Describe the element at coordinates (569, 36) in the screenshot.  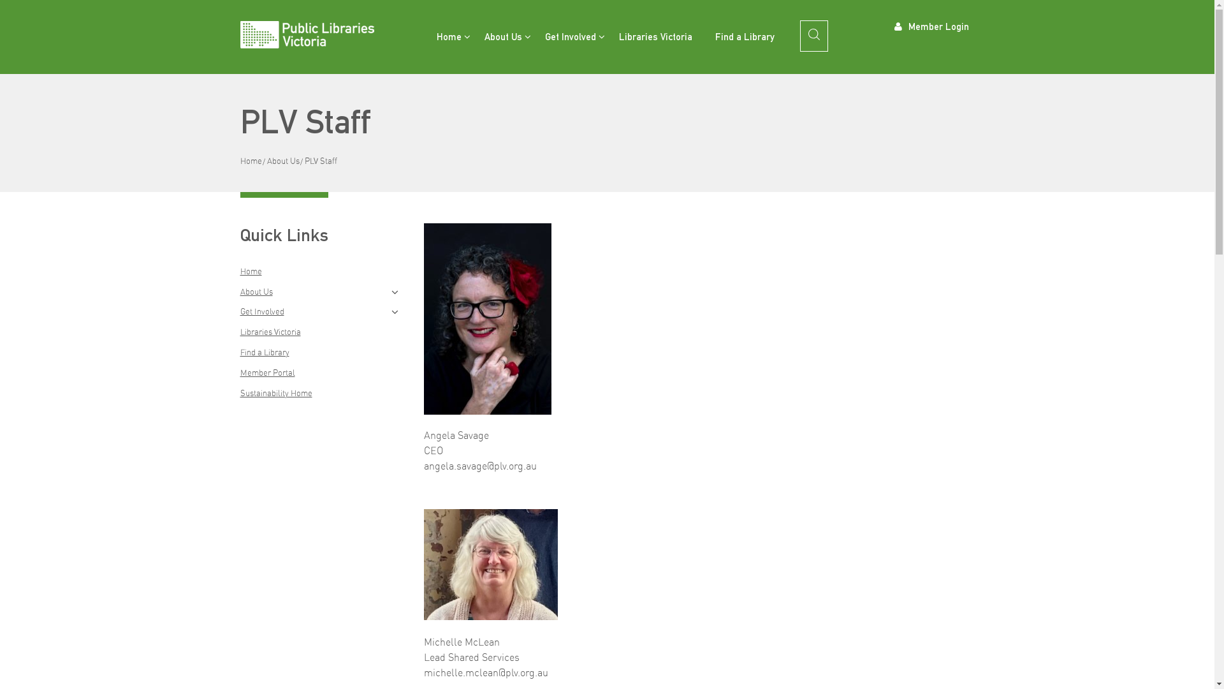
I see `'Get Involved'` at that location.